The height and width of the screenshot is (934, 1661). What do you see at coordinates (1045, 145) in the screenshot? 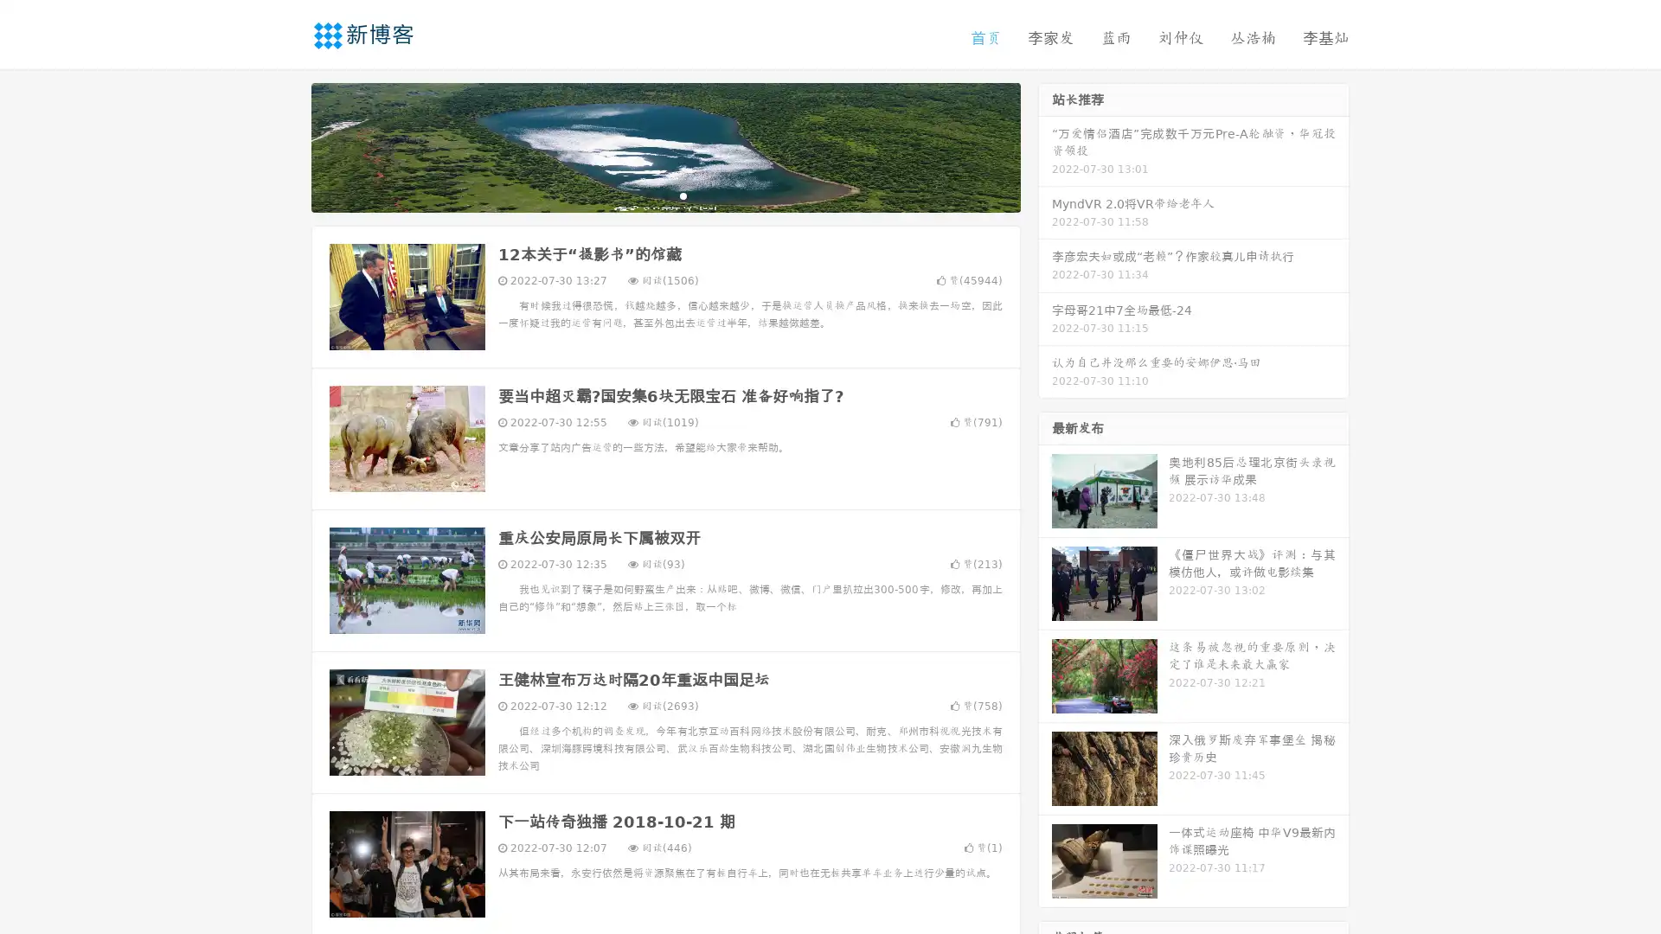
I see `Next slide` at bounding box center [1045, 145].